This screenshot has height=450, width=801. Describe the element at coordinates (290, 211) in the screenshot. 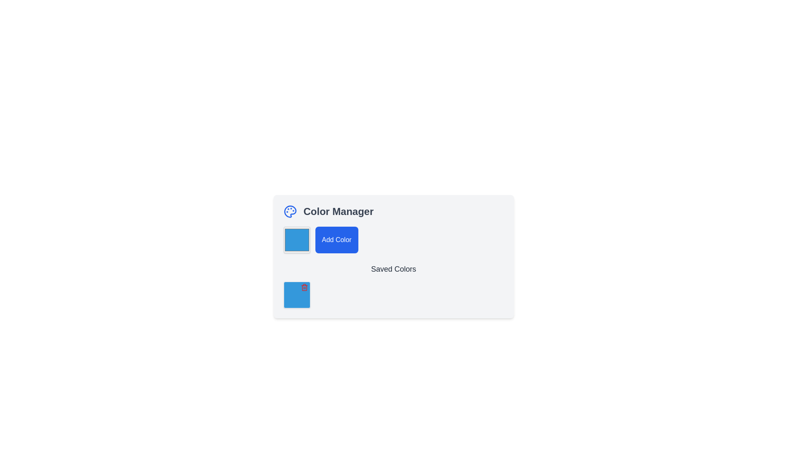

I see `the decorative icon representing the 'Color Manager' located in the top-left quadrant of the interface, adjacent to the 'Color Manager' title` at that location.